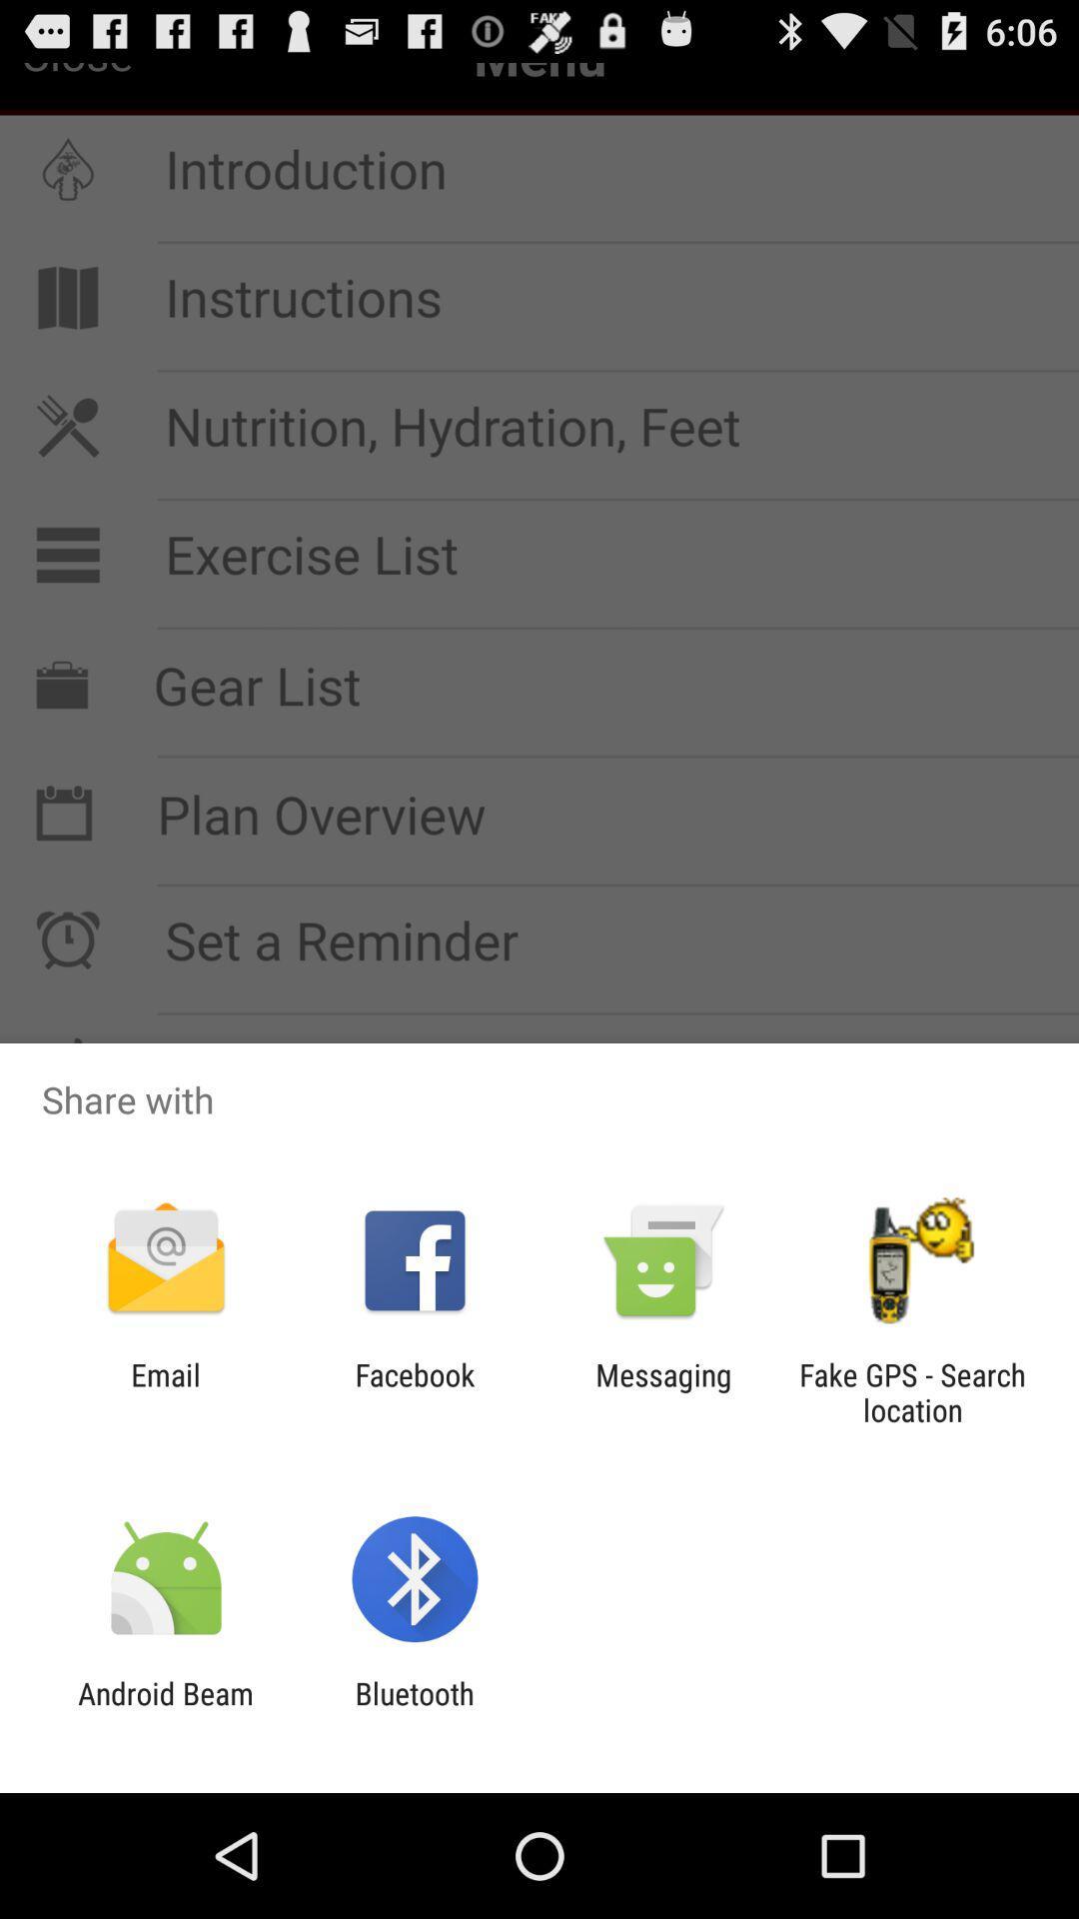 Image resolution: width=1079 pixels, height=1919 pixels. Describe the element at coordinates (414, 1391) in the screenshot. I see `the icon to the right of email icon` at that location.